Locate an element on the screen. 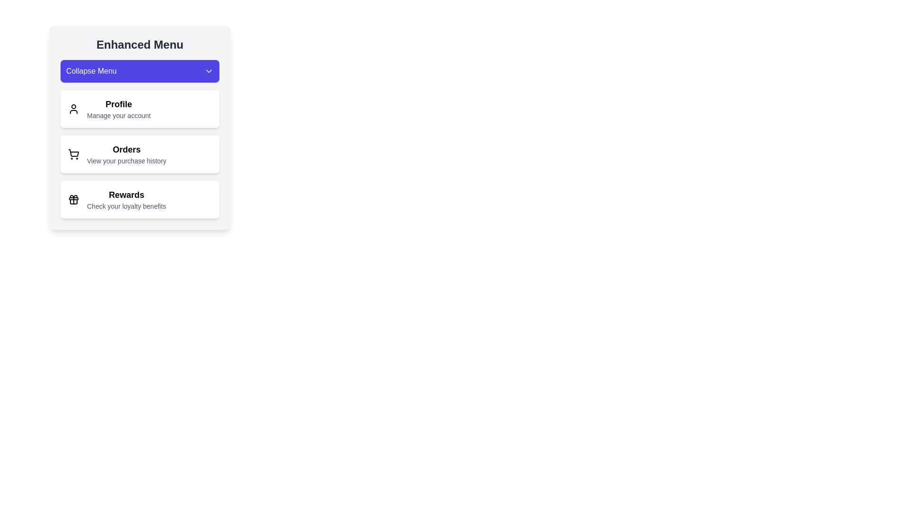  the 'Orders' text block in the Enhanced Menu is located at coordinates (126, 154).